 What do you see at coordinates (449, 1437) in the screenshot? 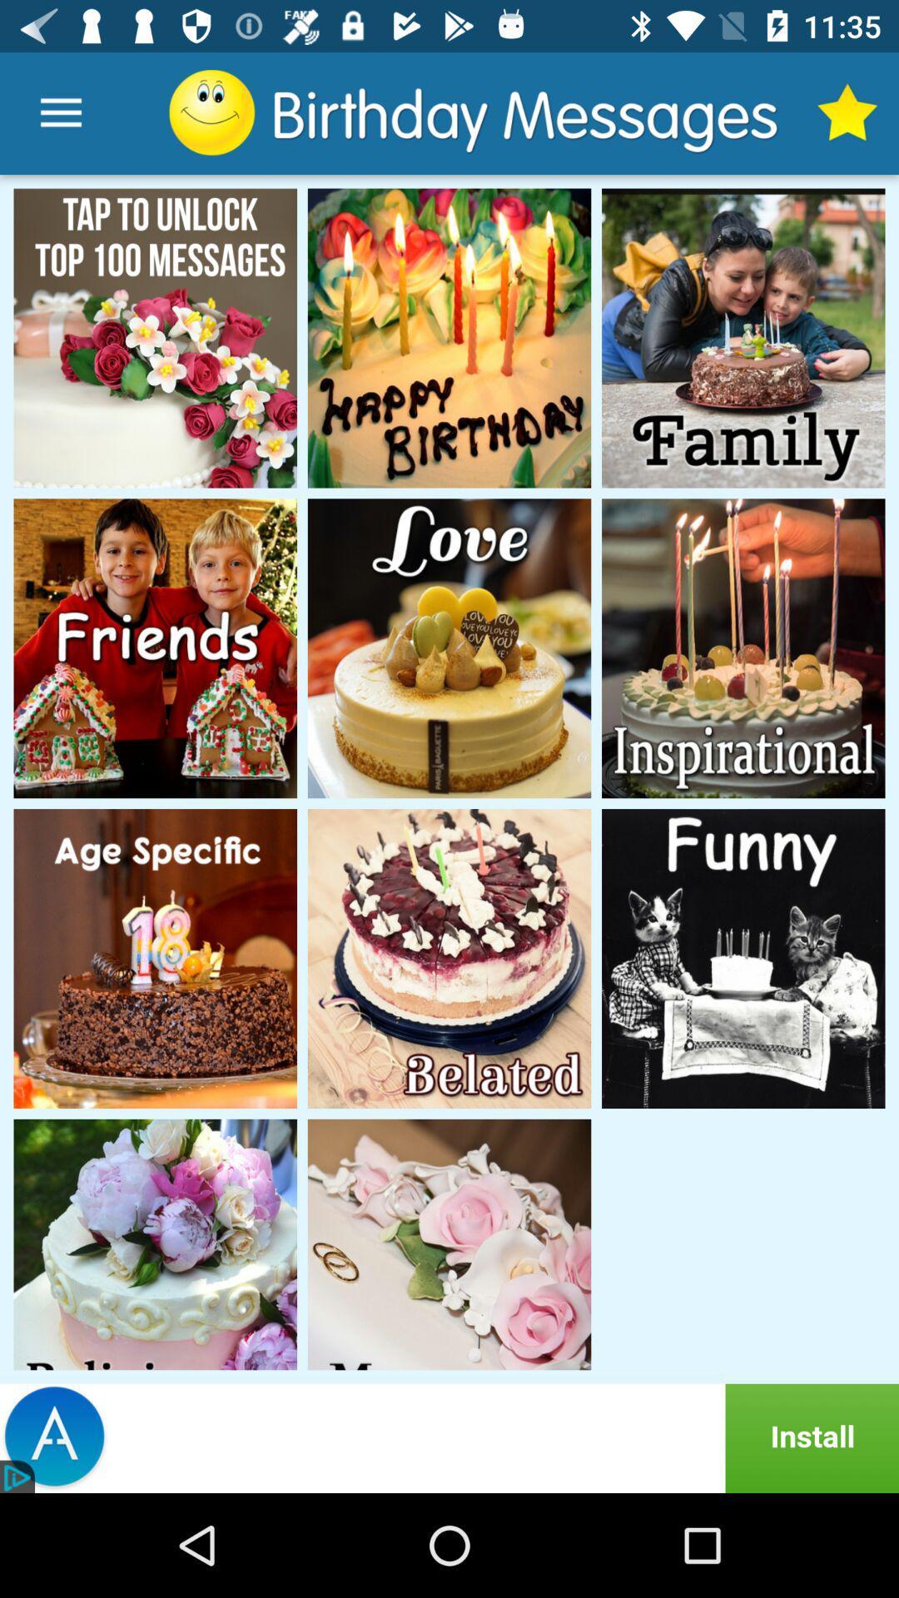
I see `install advertised site` at bounding box center [449, 1437].